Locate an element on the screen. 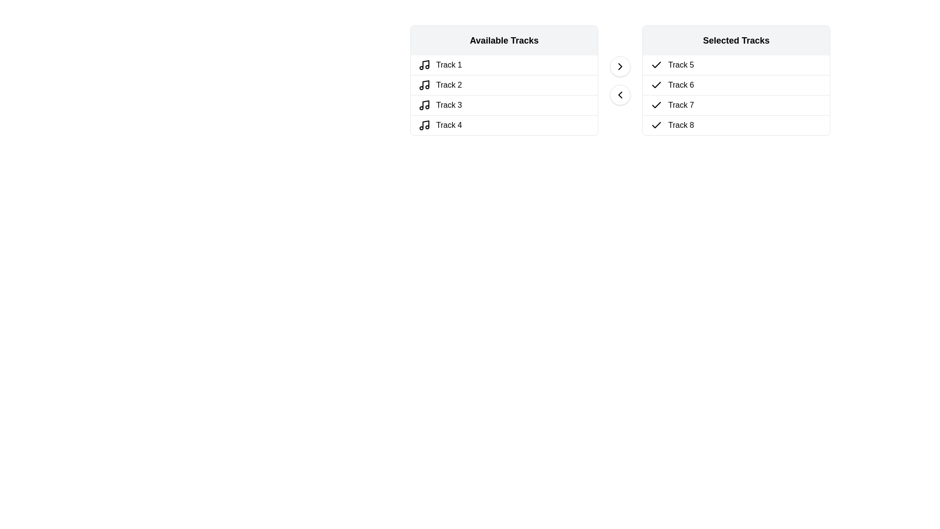  the checkmark icon associated with 'Track 7' in the 'Selected Tracks' column is located at coordinates (656, 105).